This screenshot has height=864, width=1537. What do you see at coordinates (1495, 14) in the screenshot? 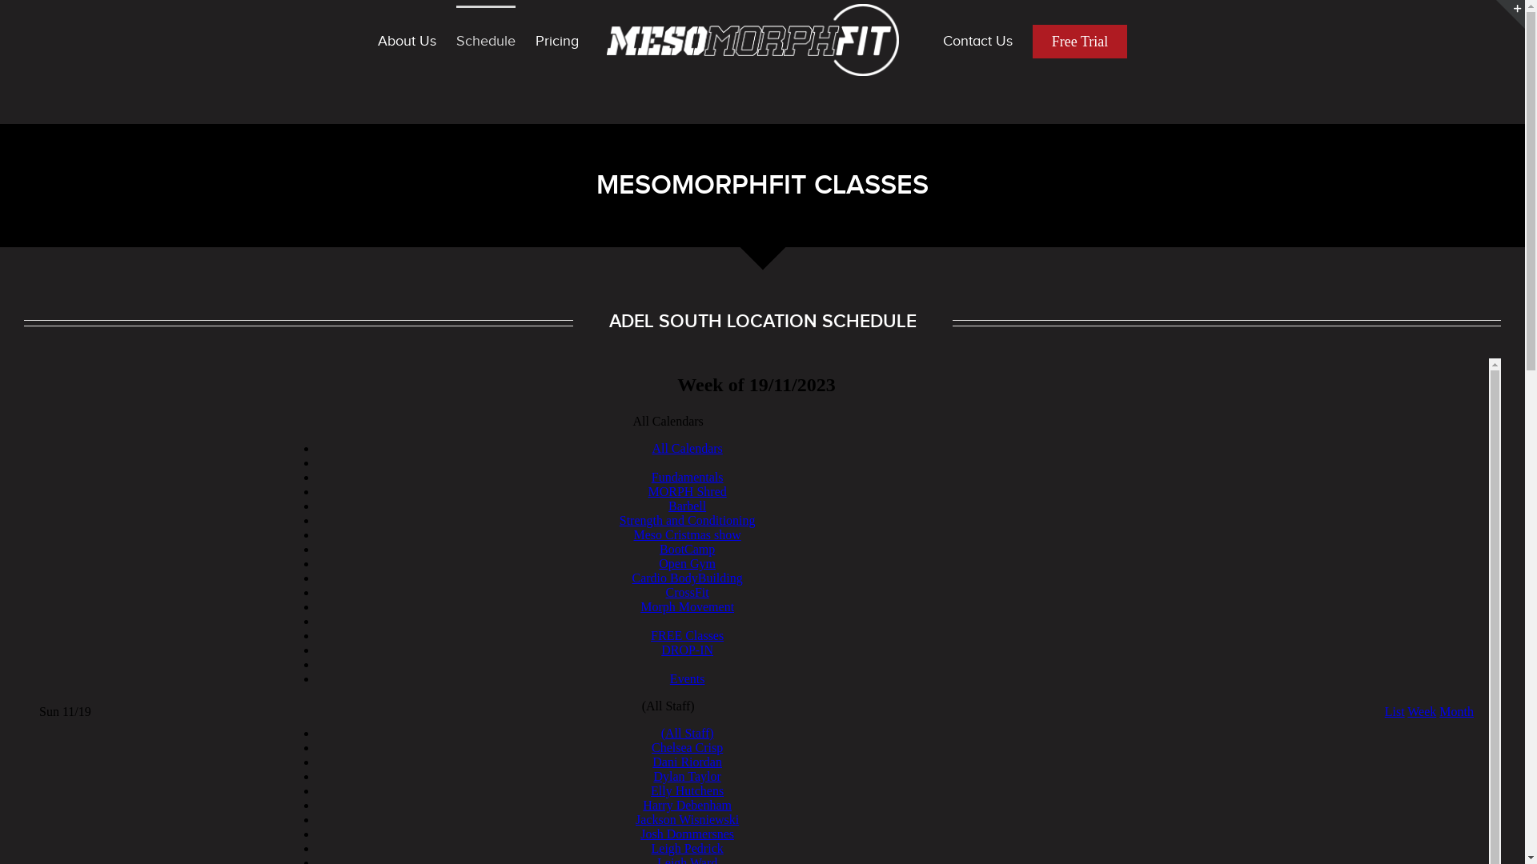
I see `'Toggle Sliding Bar Area'` at bounding box center [1495, 14].